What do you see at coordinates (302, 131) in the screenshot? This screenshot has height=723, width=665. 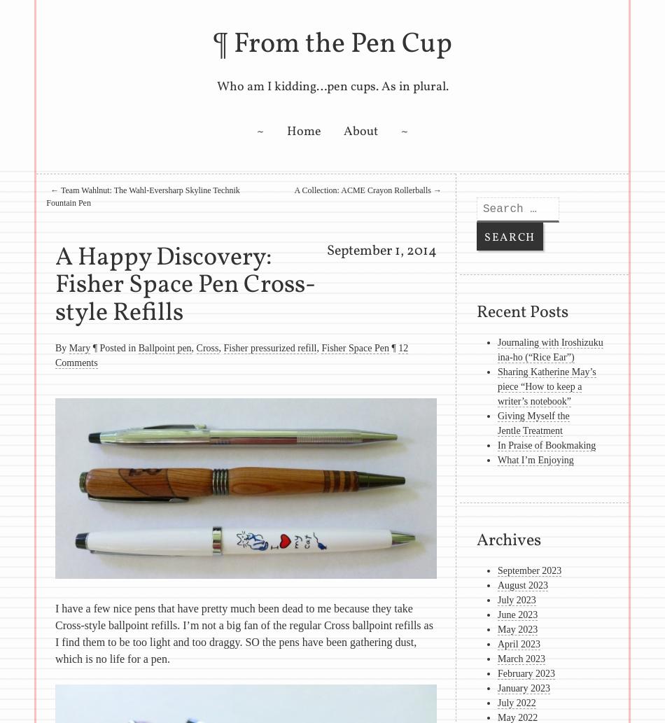 I see `'Home'` at bounding box center [302, 131].